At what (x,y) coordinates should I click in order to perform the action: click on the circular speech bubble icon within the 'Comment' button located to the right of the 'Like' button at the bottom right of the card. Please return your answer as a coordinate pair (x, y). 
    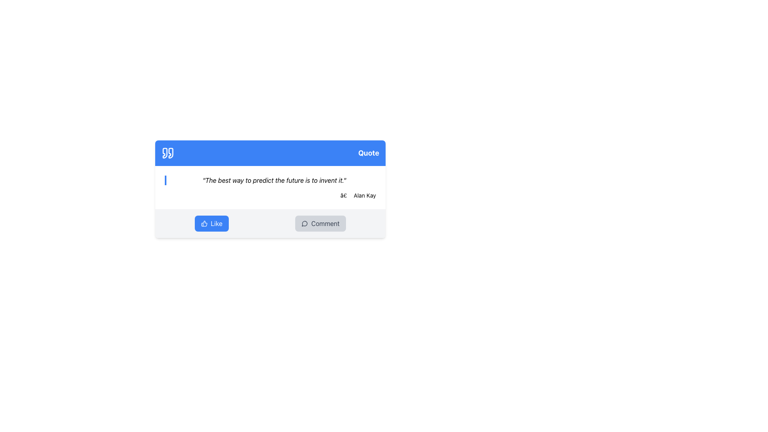
    Looking at the image, I should click on (304, 224).